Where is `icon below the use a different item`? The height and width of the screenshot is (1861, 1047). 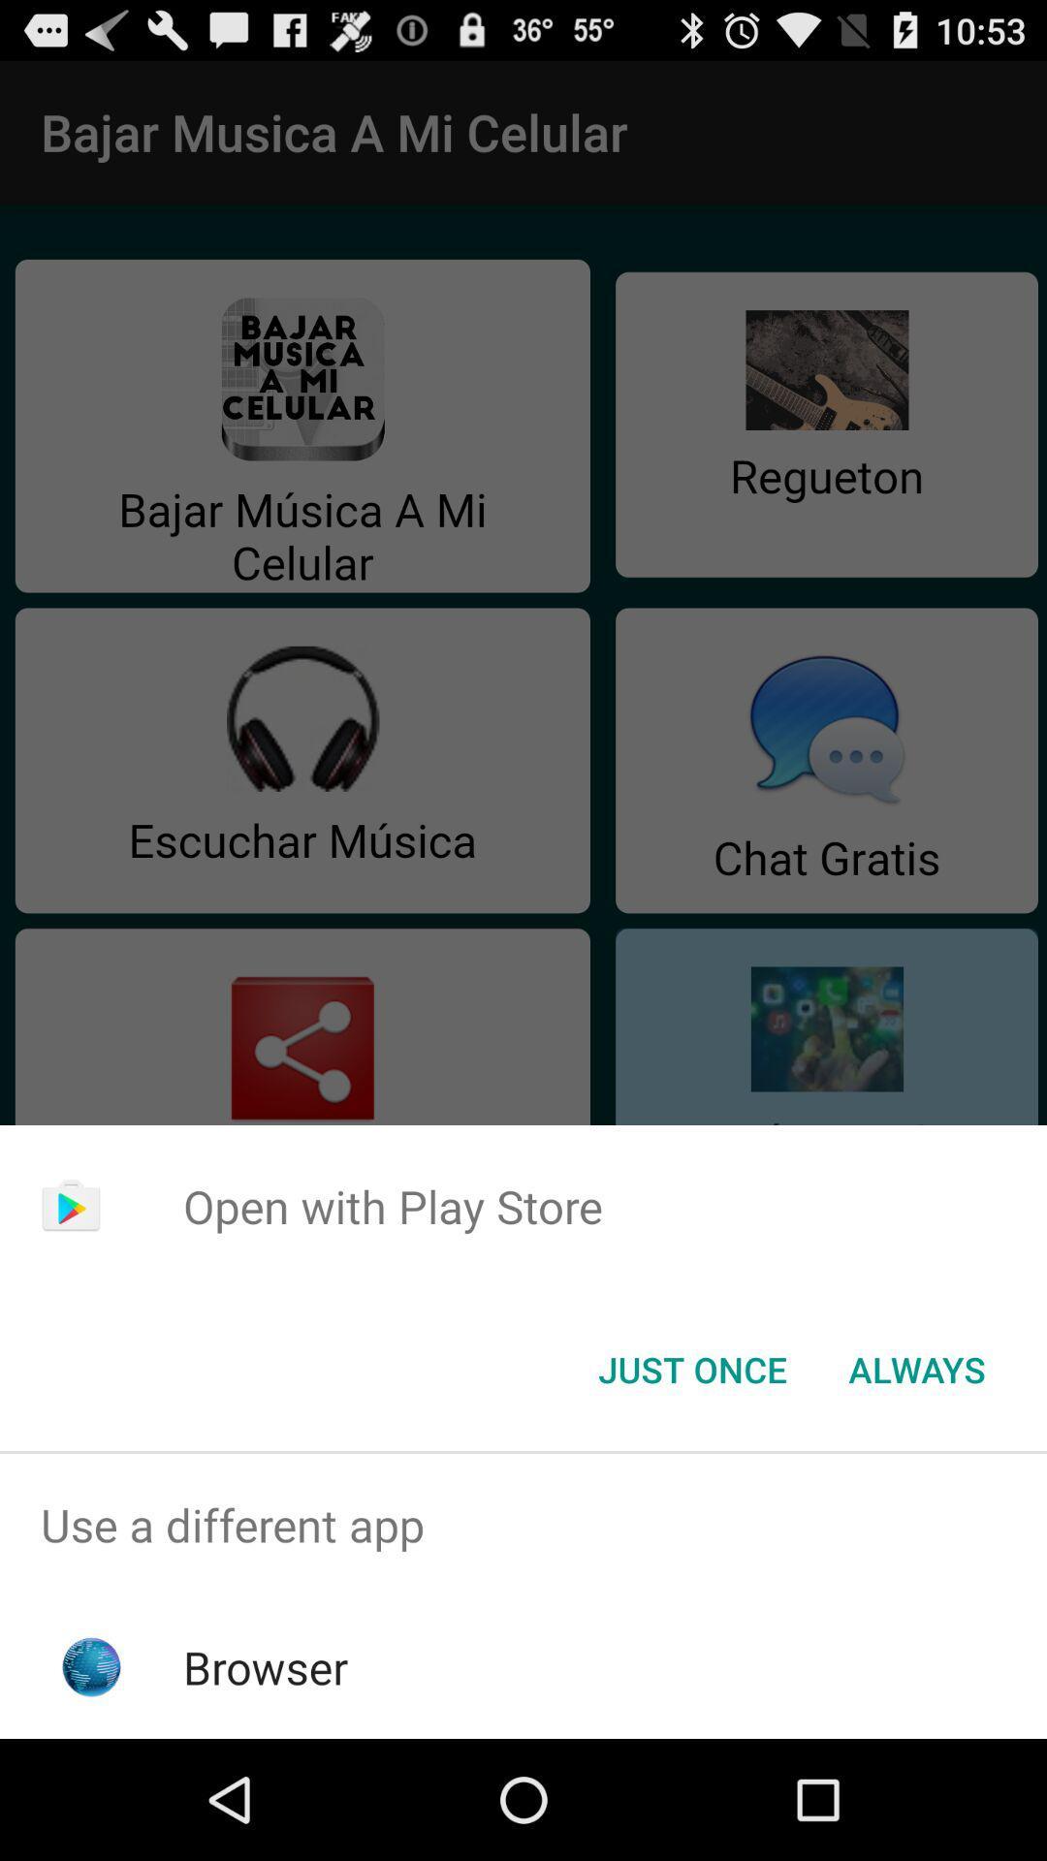
icon below the use a different item is located at coordinates (266, 1666).